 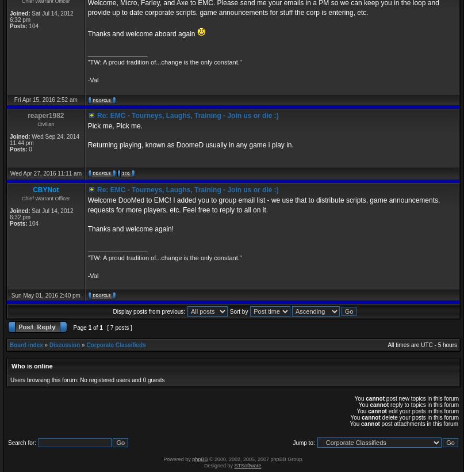 I want to click on 'Thanks and welcome again!', so click(x=131, y=229).